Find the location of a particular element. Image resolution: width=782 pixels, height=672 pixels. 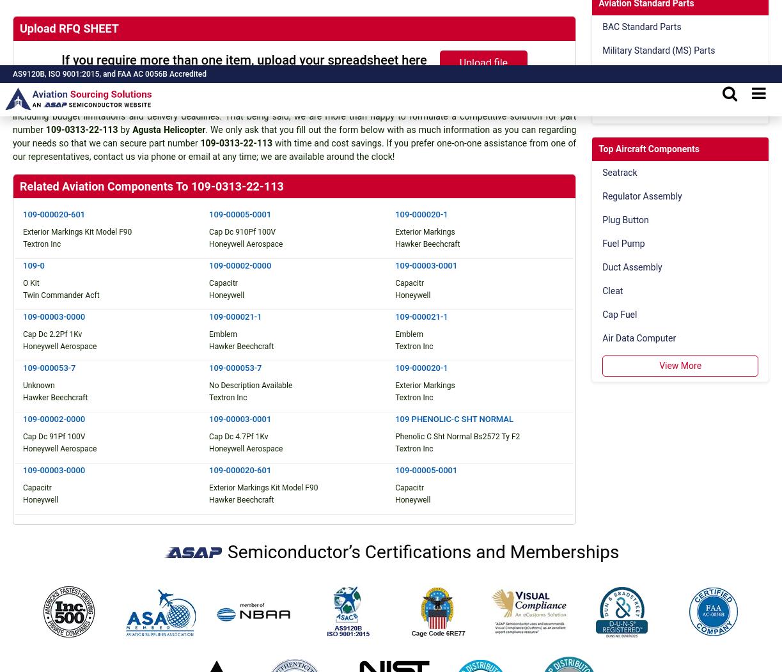

'1341 South Sunkist Street, Anaheim,' is located at coordinates (129, 304).